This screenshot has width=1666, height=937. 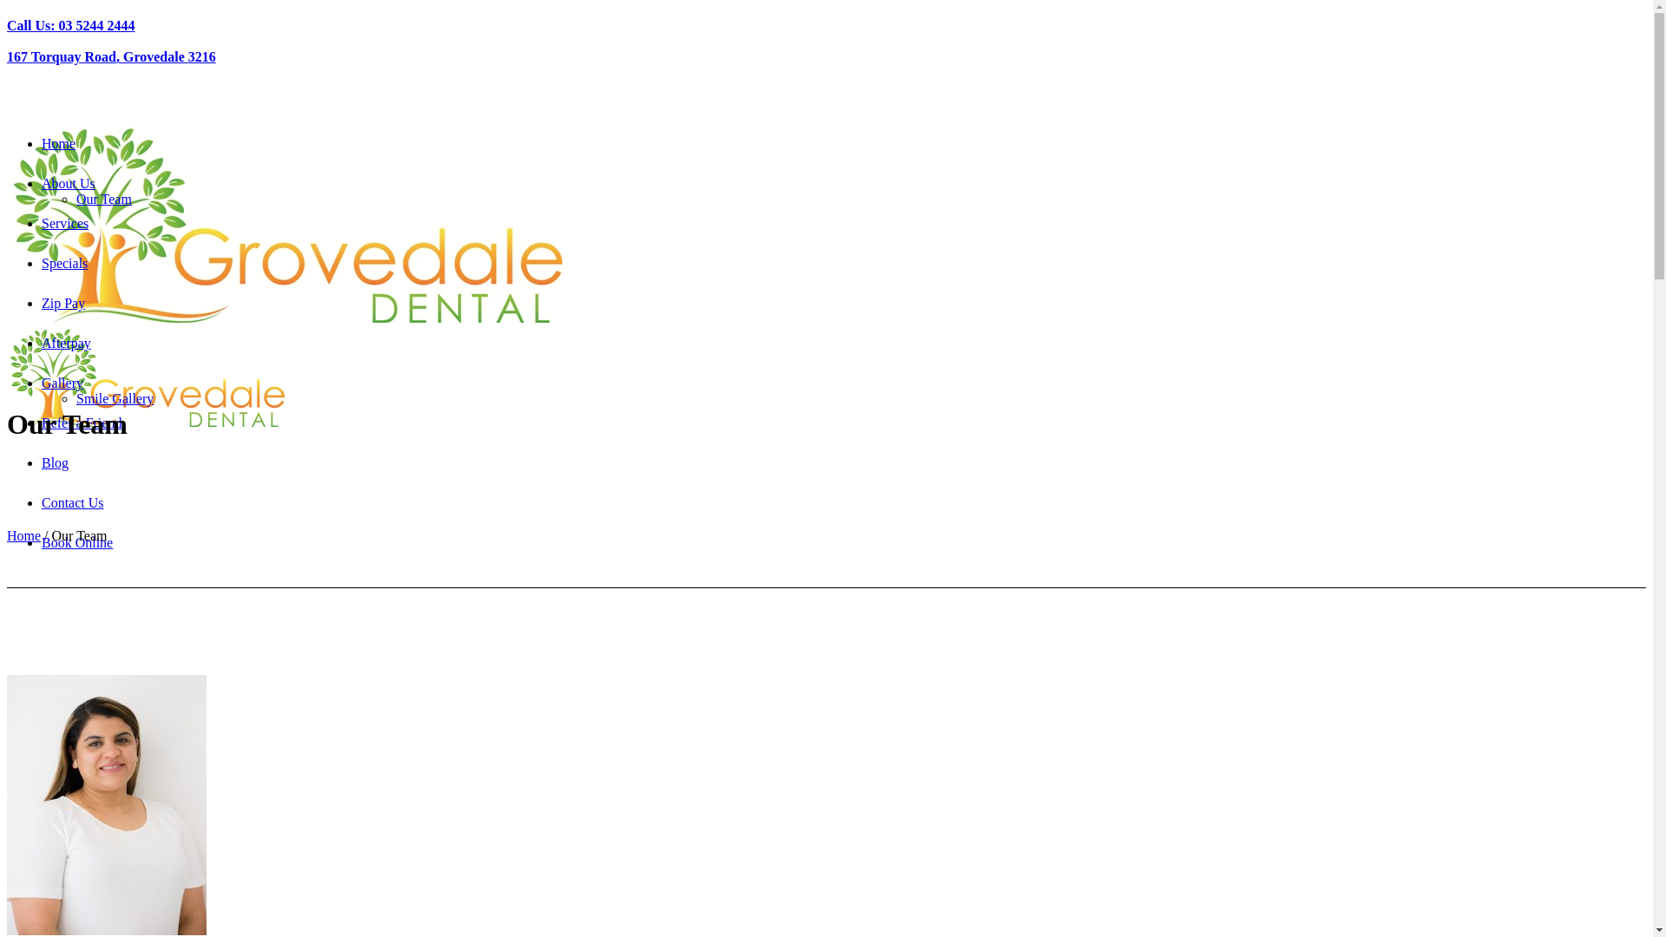 I want to click on 'Afterpay', so click(x=42, y=343).